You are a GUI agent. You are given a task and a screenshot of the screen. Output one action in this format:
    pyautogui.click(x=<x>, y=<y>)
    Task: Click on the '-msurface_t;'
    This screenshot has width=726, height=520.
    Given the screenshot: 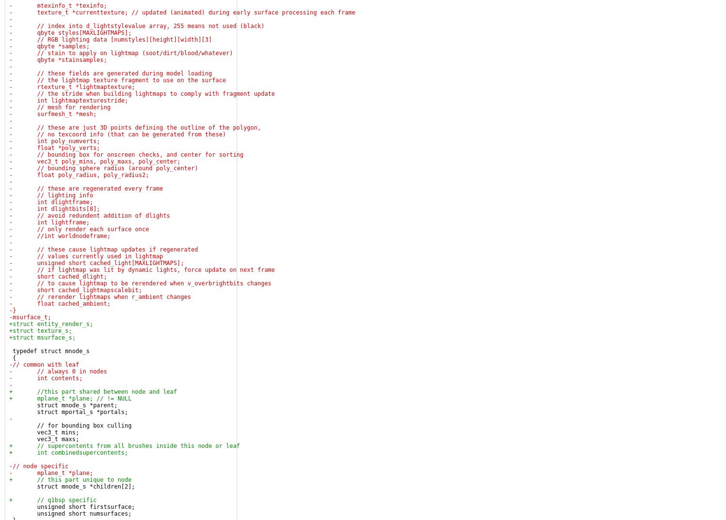 What is the action you would take?
    pyautogui.click(x=30, y=317)
    